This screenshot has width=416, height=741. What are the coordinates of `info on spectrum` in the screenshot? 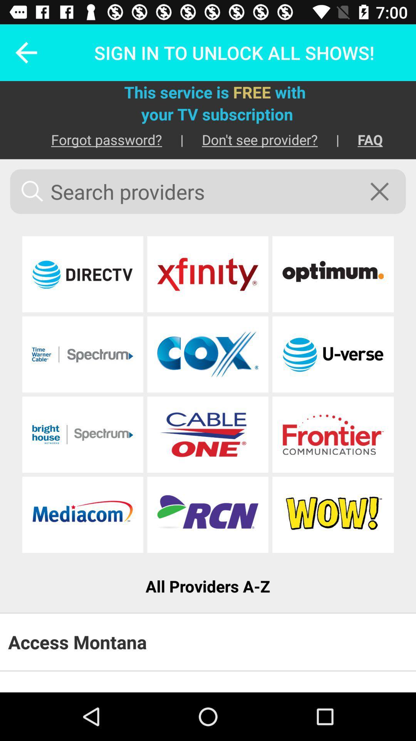 It's located at (82, 435).